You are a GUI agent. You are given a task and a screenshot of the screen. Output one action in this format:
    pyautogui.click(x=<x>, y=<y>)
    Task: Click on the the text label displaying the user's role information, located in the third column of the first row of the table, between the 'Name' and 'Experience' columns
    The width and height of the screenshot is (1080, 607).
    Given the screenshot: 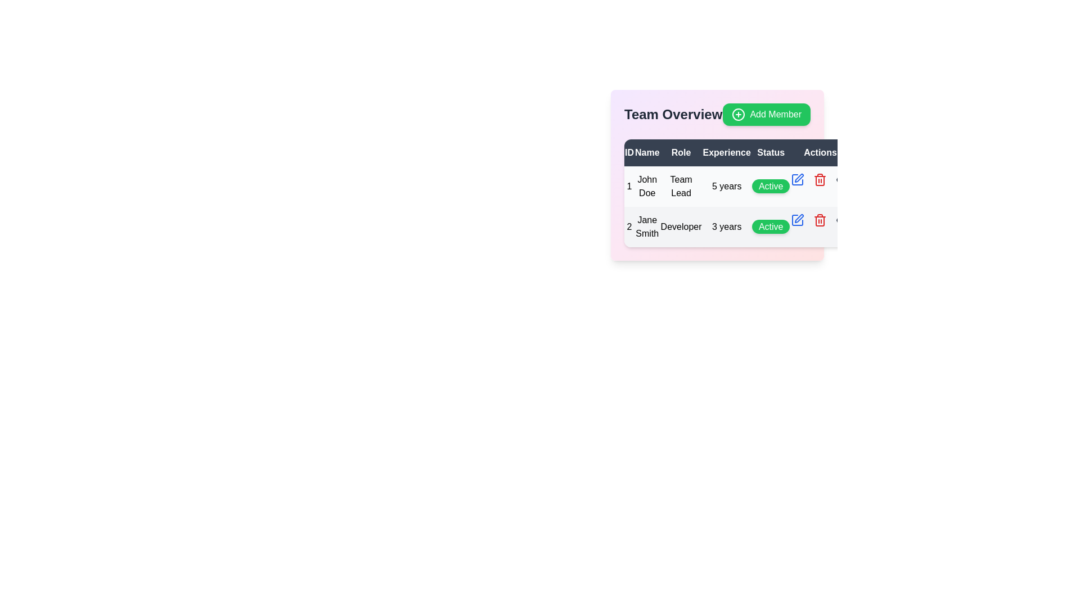 What is the action you would take?
    pyautogui.click(x=681, y=185)
    